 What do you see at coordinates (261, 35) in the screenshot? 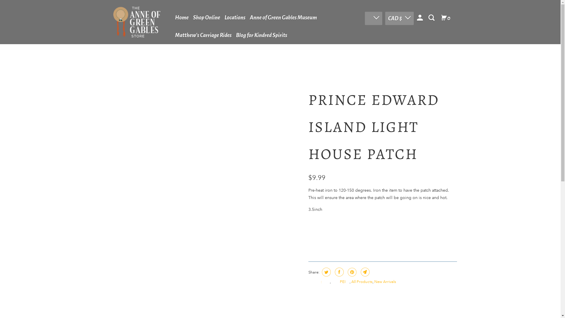
I see `'Blog for Kindred Spirits'` at bounding box center [261, 35].